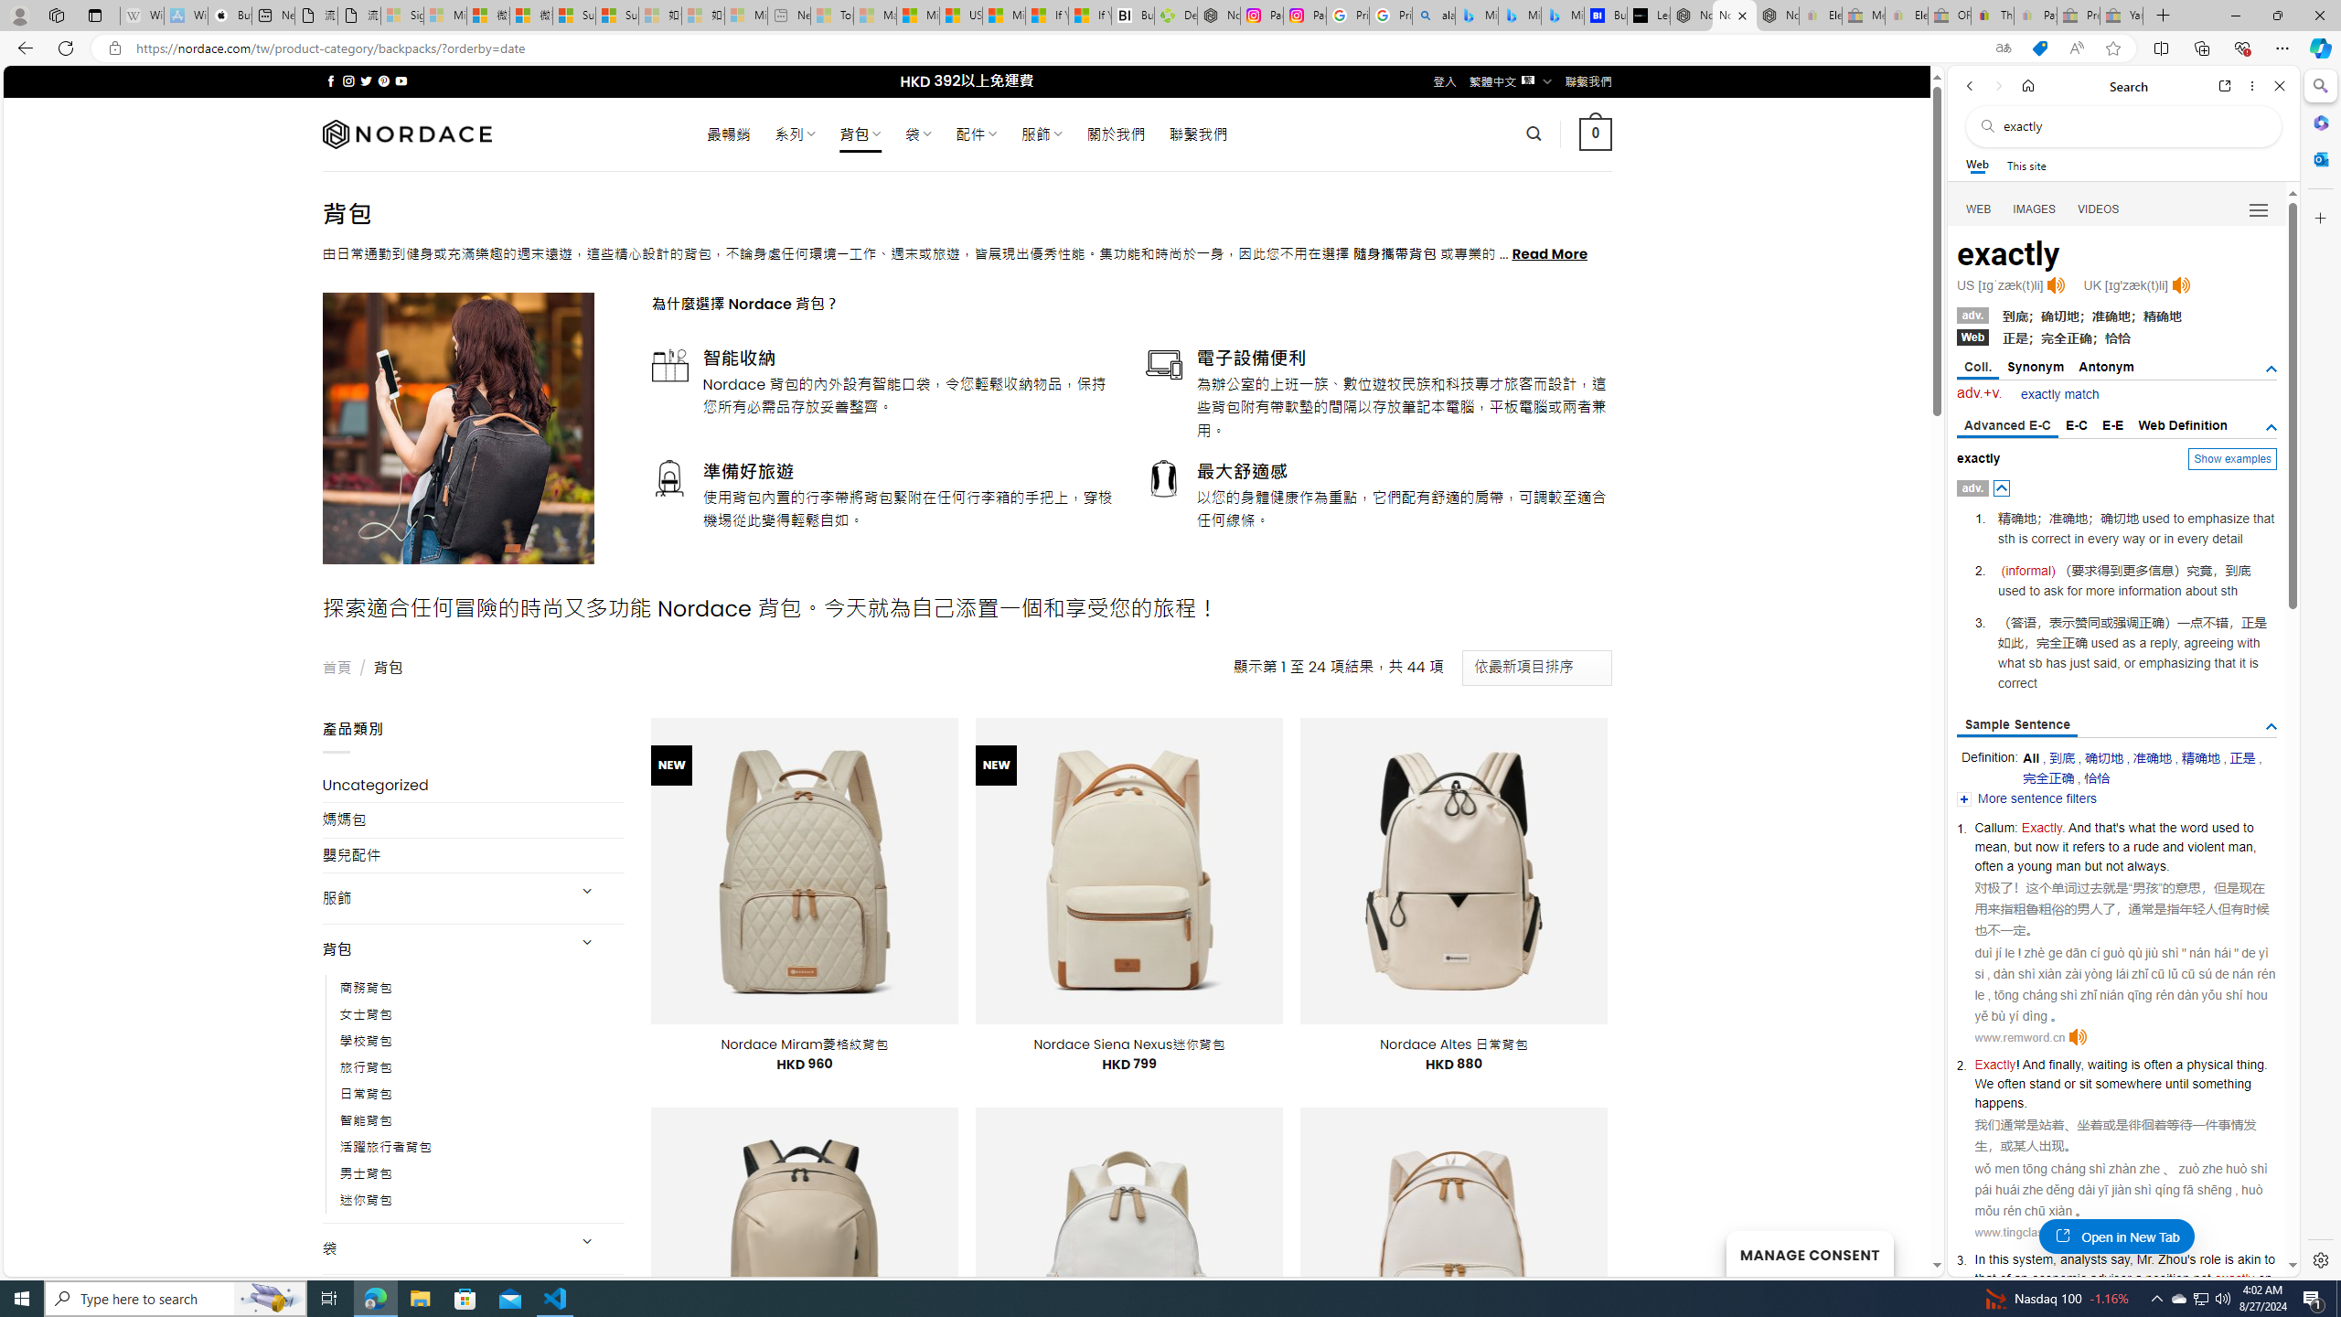  What do you see at coordinates (2046, 847) in the screenshot?
I see `'now'` at bounding box center [2046, 847].